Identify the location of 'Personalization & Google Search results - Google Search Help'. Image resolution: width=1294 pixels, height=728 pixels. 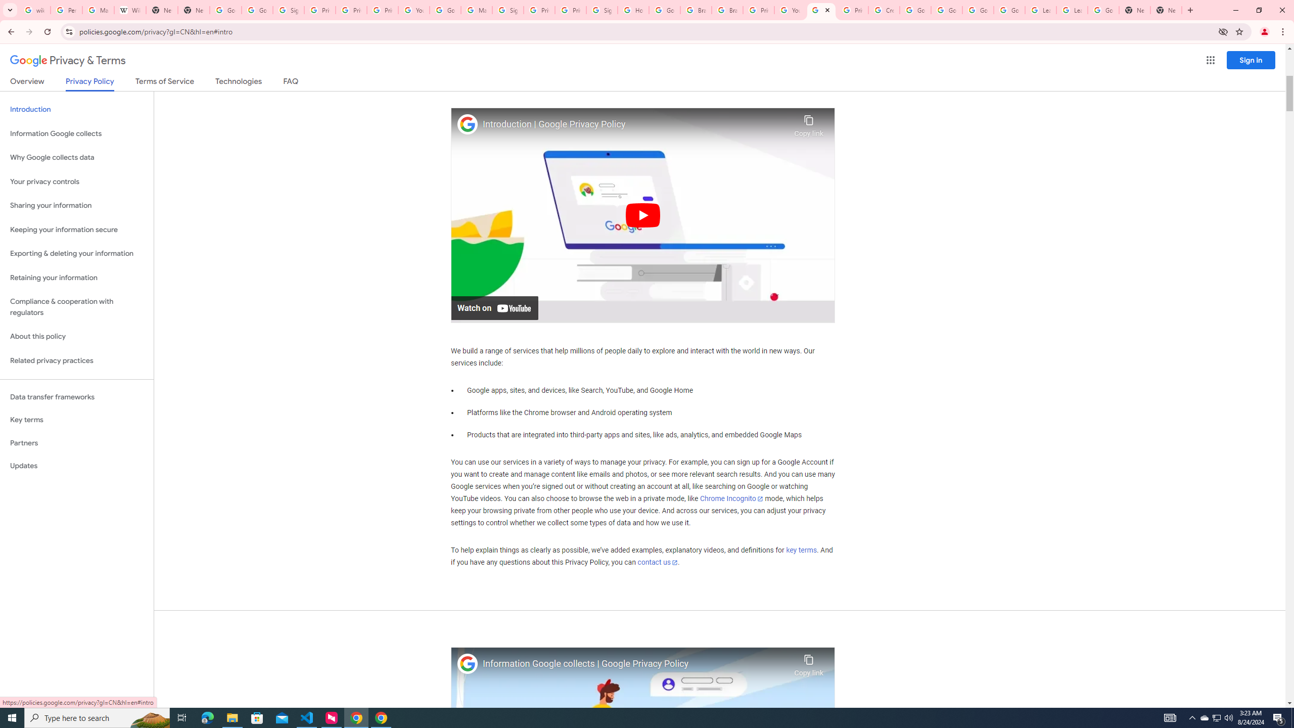
(66, 10).